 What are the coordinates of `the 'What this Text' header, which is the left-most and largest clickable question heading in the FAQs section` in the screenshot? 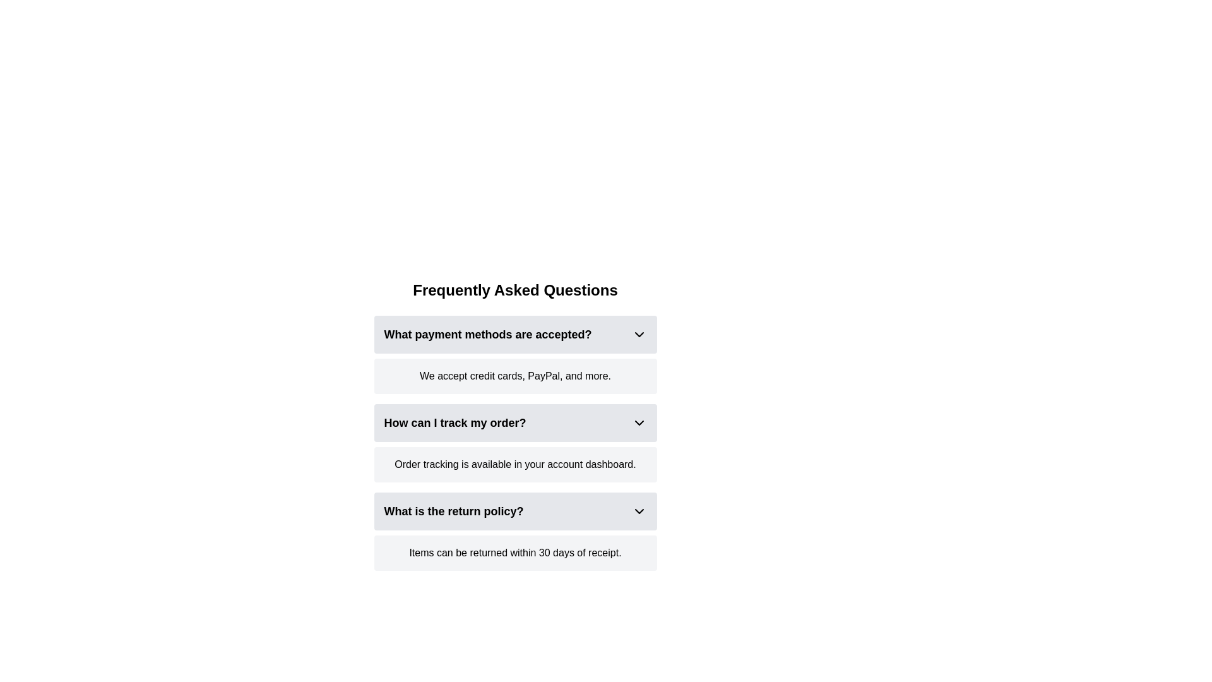 It's located at (487, 333).